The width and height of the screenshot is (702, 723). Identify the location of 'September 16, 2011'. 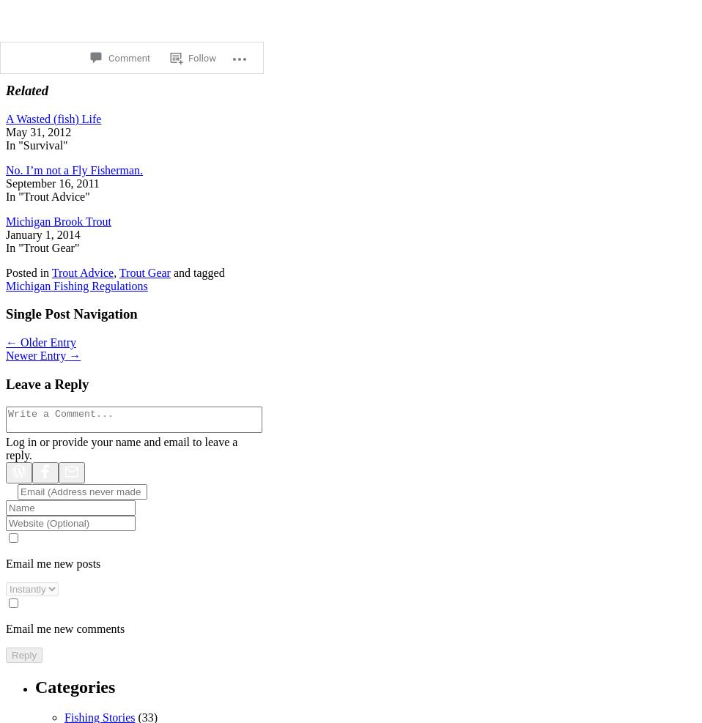
(51, 182).